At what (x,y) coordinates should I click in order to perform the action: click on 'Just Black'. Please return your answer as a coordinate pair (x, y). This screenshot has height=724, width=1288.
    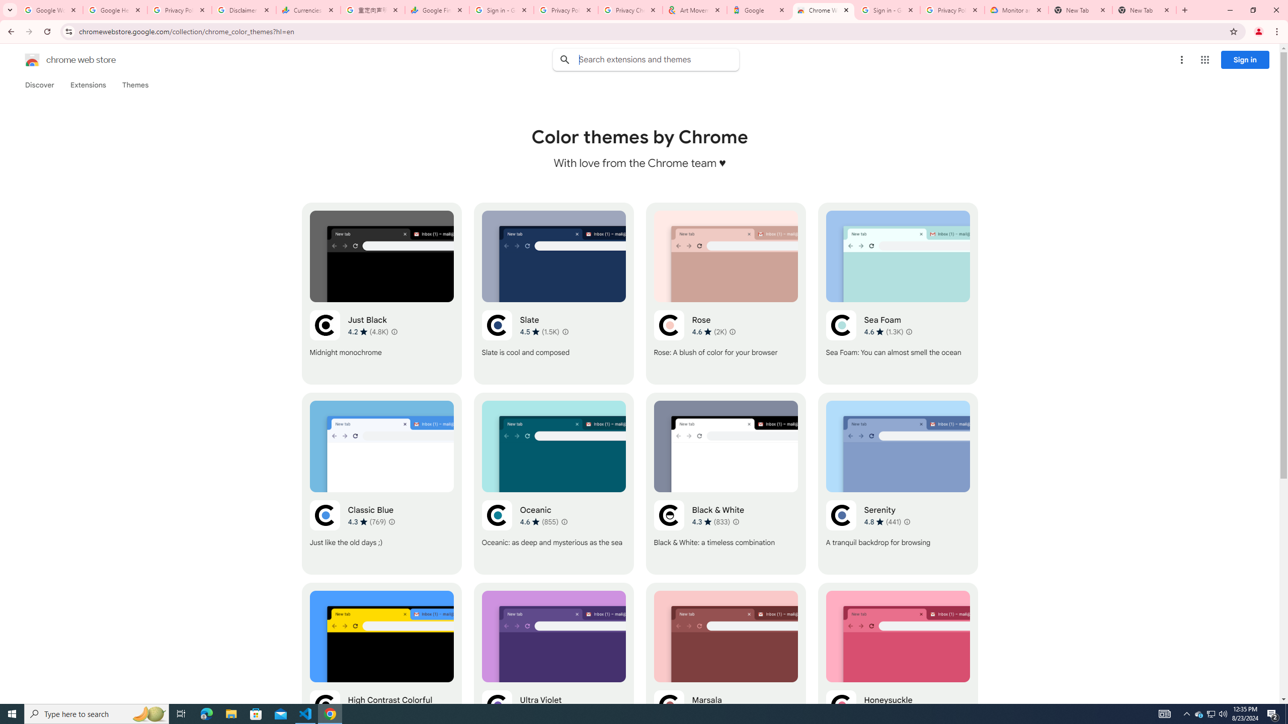
    Looking at the image, I should click on (381, 293).